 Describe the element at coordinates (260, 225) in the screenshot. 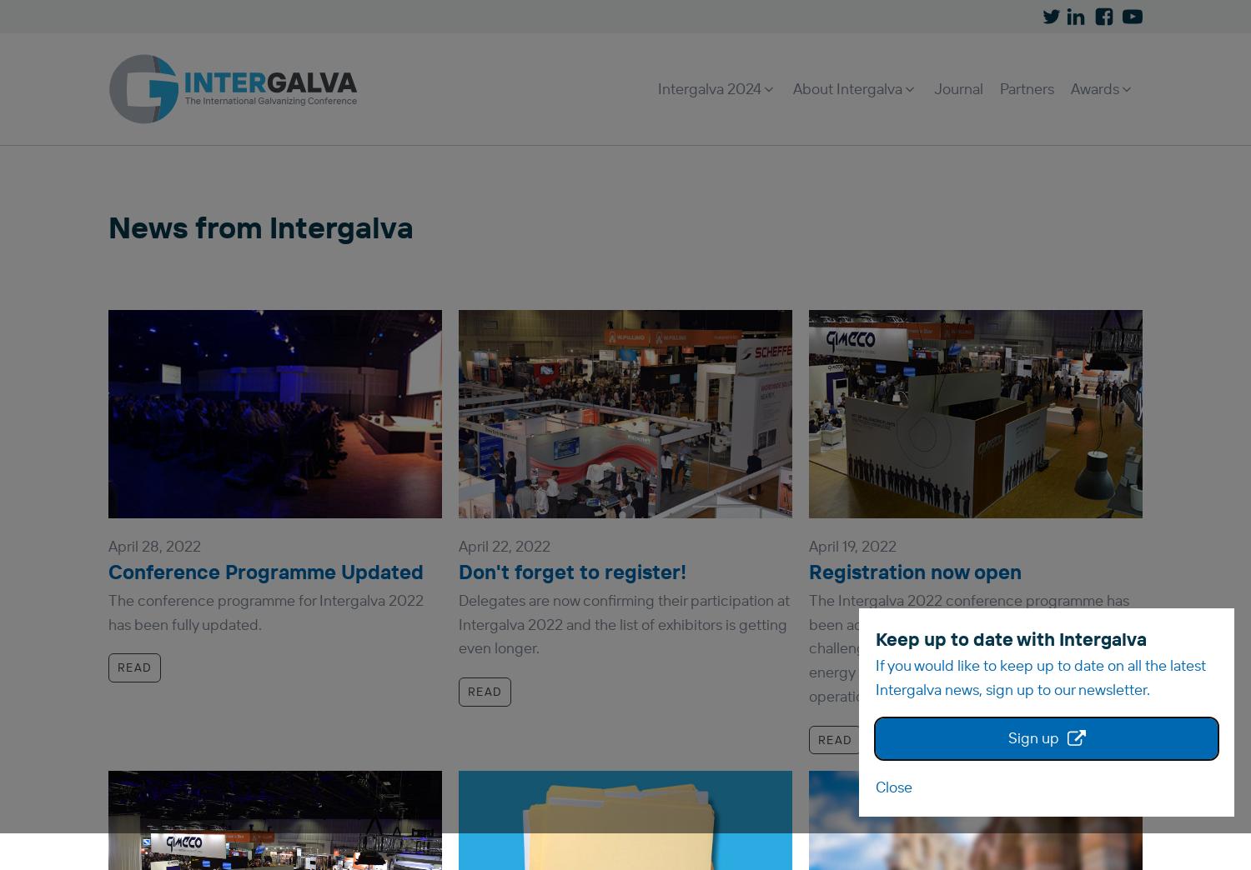

I see `'News from Intergalva'` at that location.